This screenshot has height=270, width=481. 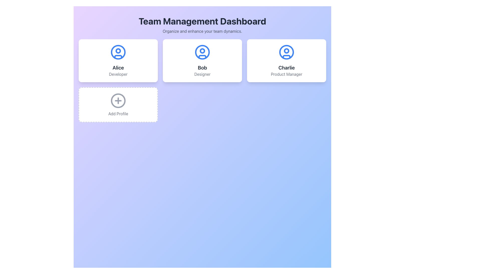 I want to click on the static text label displaying the name 'Charlie' in bold, part of the user profile card located in the top-right of the grid structure, so click(x=286, y=67).